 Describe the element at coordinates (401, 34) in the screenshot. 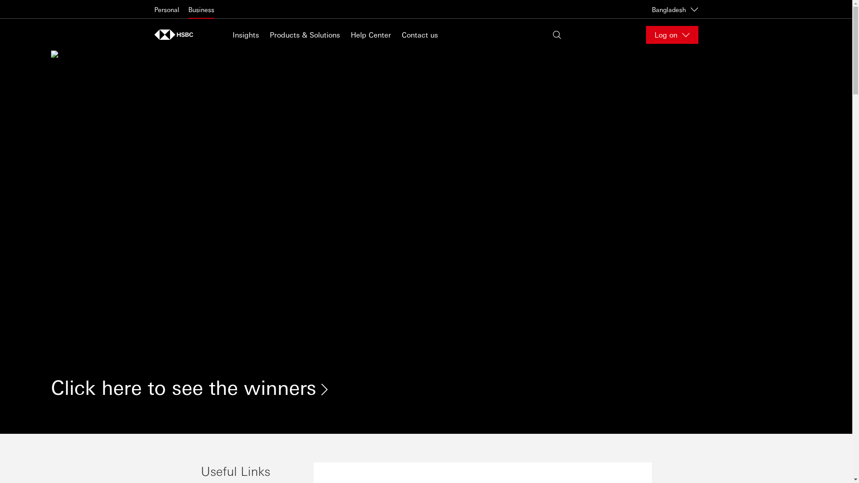

I see `'Contact us'` at that location.